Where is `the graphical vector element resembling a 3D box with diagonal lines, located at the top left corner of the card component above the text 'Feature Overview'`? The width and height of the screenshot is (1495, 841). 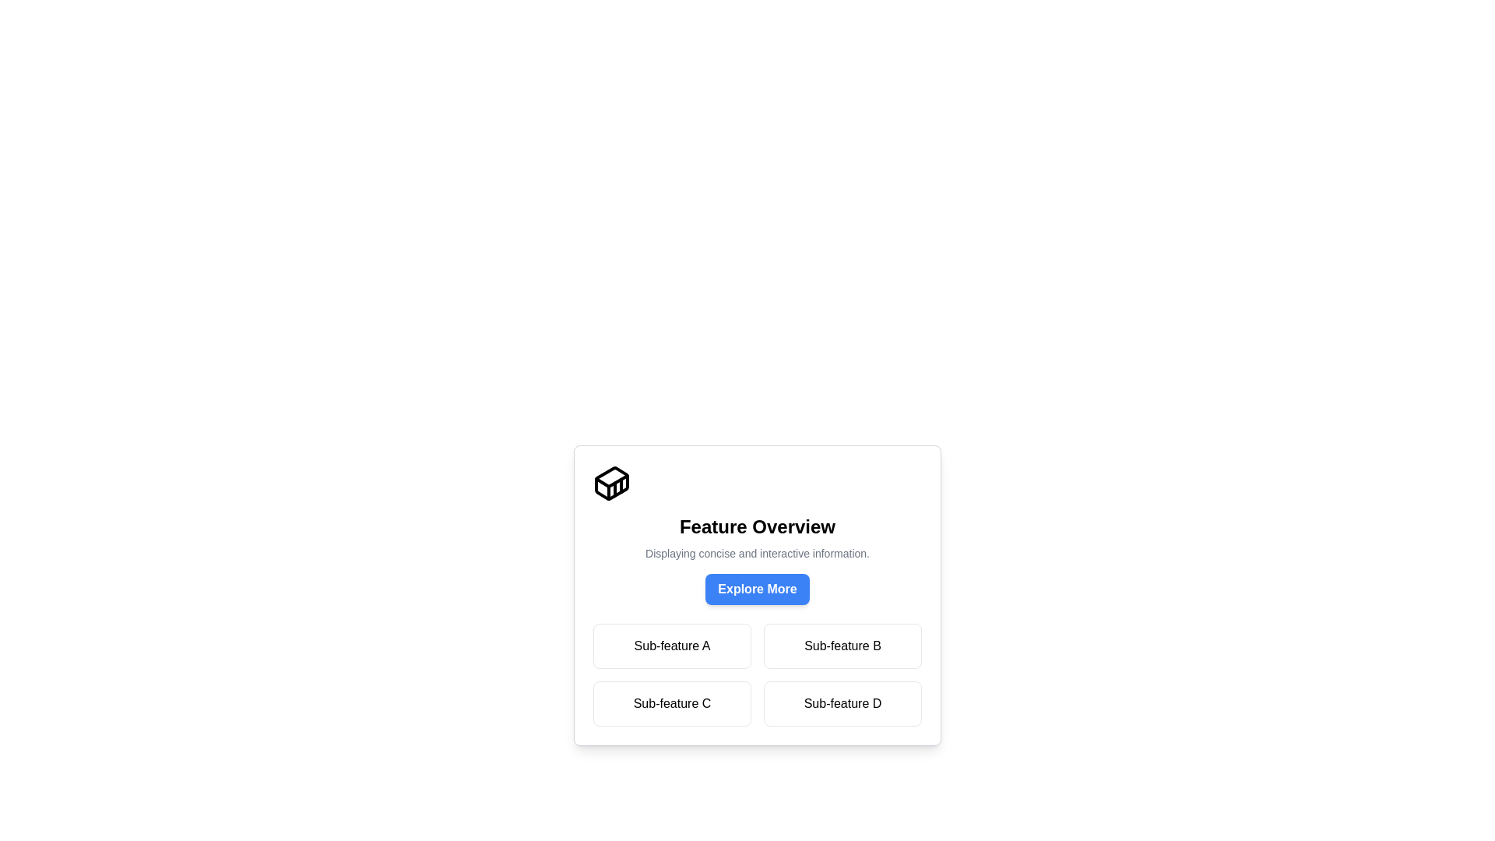 the graphical vector element resembling a 3D box with diagonal lines, located at the top left corner of the card component above the text 'Feature Overview' is located at coordinates (611, 483).